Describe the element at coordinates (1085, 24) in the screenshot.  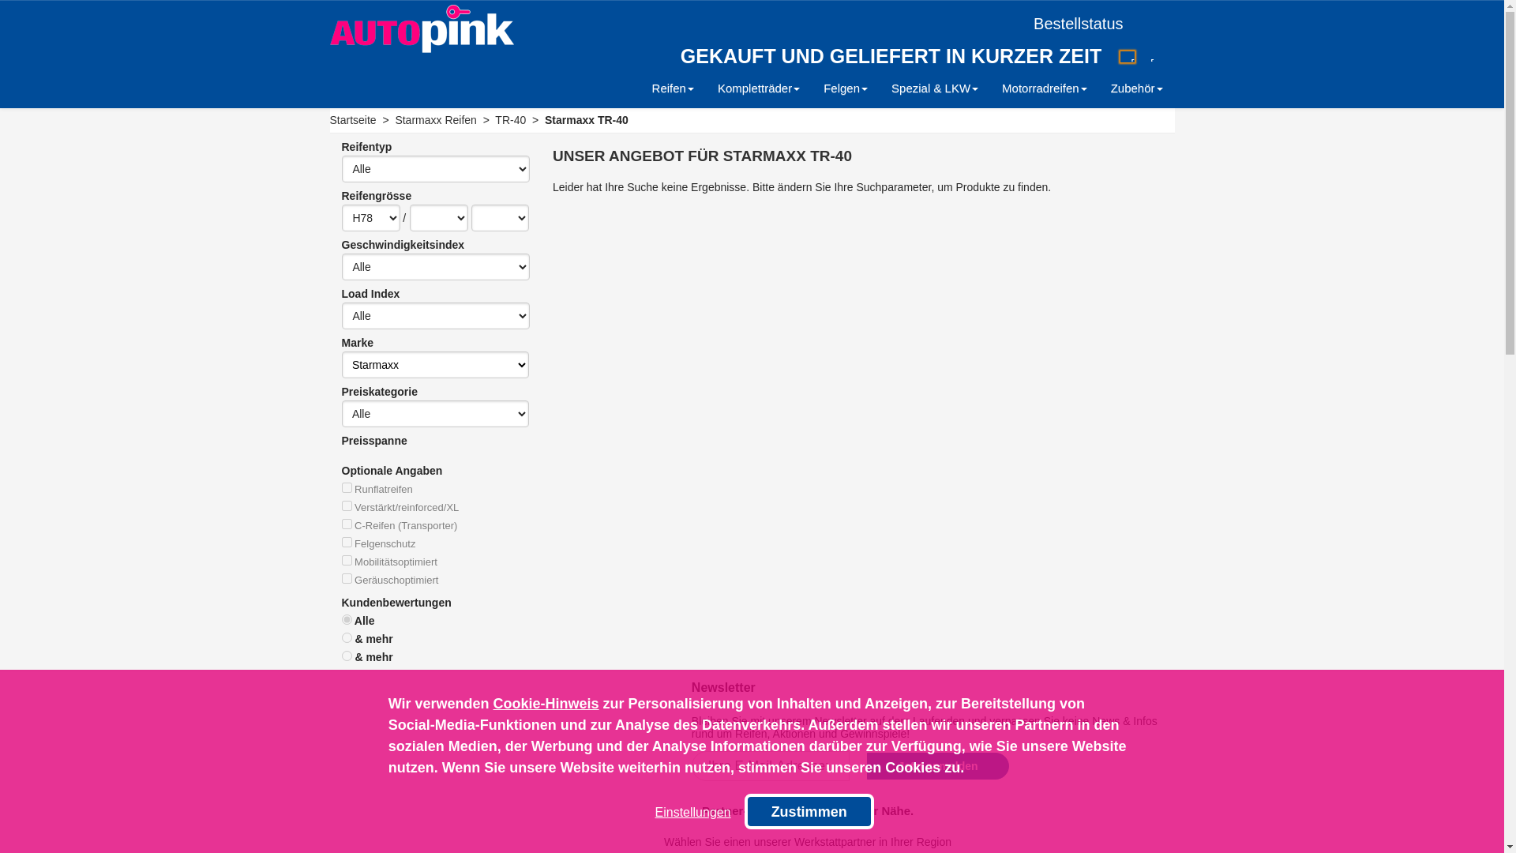
I see `'Bestellstatus'` at that location.